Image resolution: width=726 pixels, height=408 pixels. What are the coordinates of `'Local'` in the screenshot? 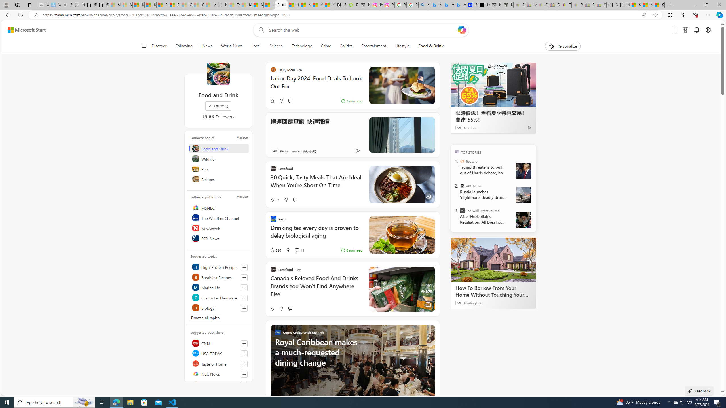 It's located at (256, 46).